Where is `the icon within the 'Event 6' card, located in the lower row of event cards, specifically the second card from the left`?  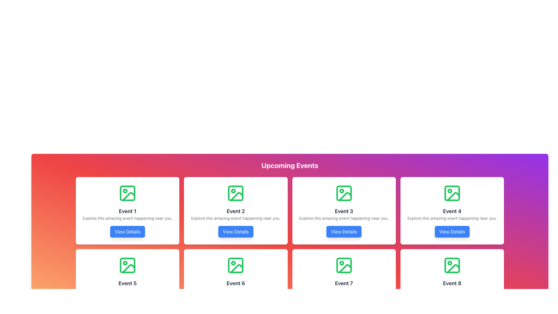
the icon within the 'Event 6' card, located in the lower row of event cards, specifically the second card from the left is located at coordinates (233, 263).